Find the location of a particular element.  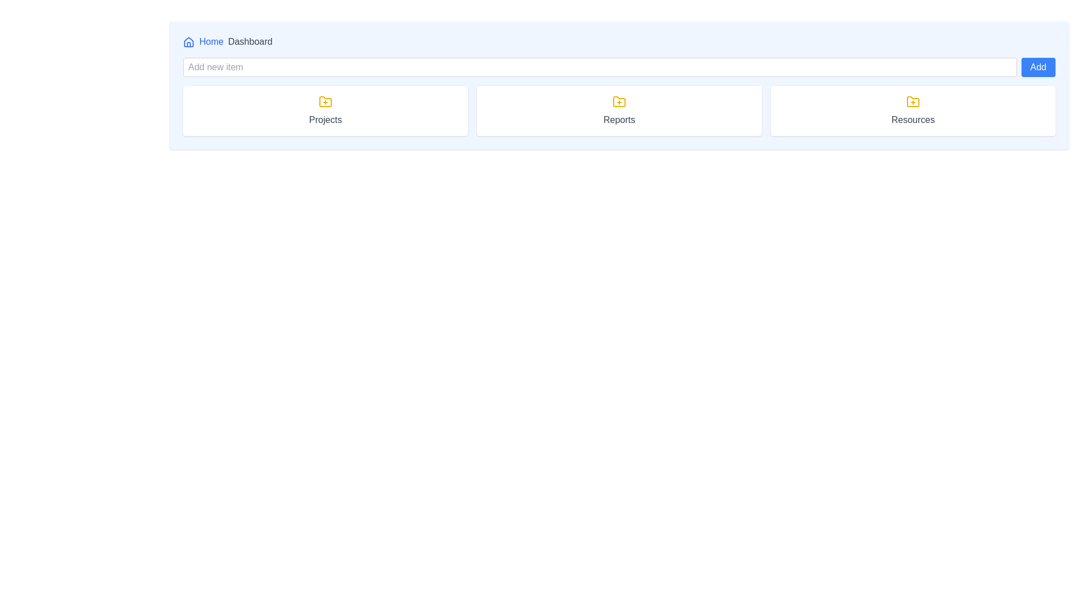

the 'Add New Item' button located to the far right of the input field is located at coordinates (1038, 67).